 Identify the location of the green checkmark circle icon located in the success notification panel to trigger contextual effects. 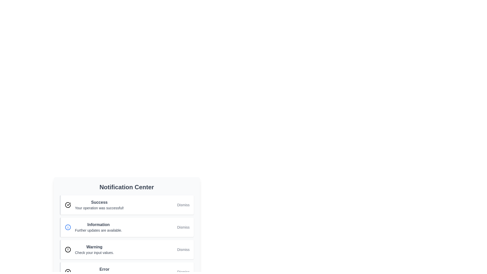
(67, 204).